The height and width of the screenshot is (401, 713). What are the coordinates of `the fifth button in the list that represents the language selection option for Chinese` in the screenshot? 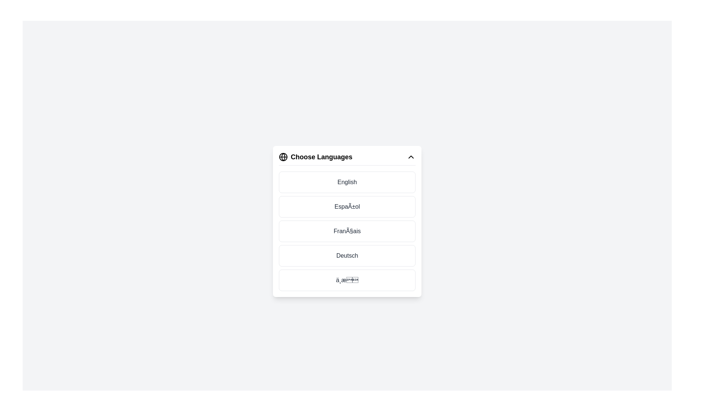 It's located at (347, 280).